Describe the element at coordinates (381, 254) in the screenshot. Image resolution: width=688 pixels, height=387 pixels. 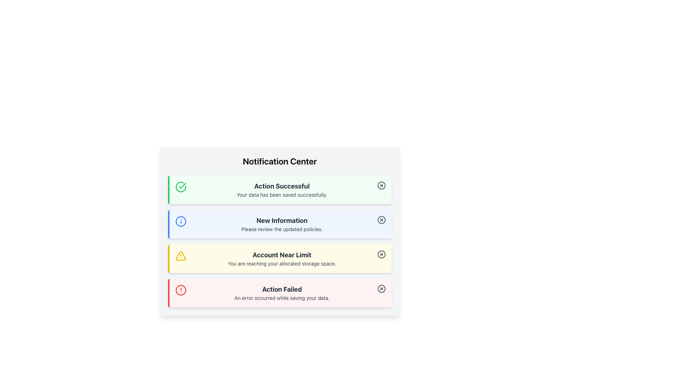
I see `the dismiss button, which is a small circular gray icon with an 'X' mark located at the right end of the yellow notification box titled 'Account Near Limit'` at that location.